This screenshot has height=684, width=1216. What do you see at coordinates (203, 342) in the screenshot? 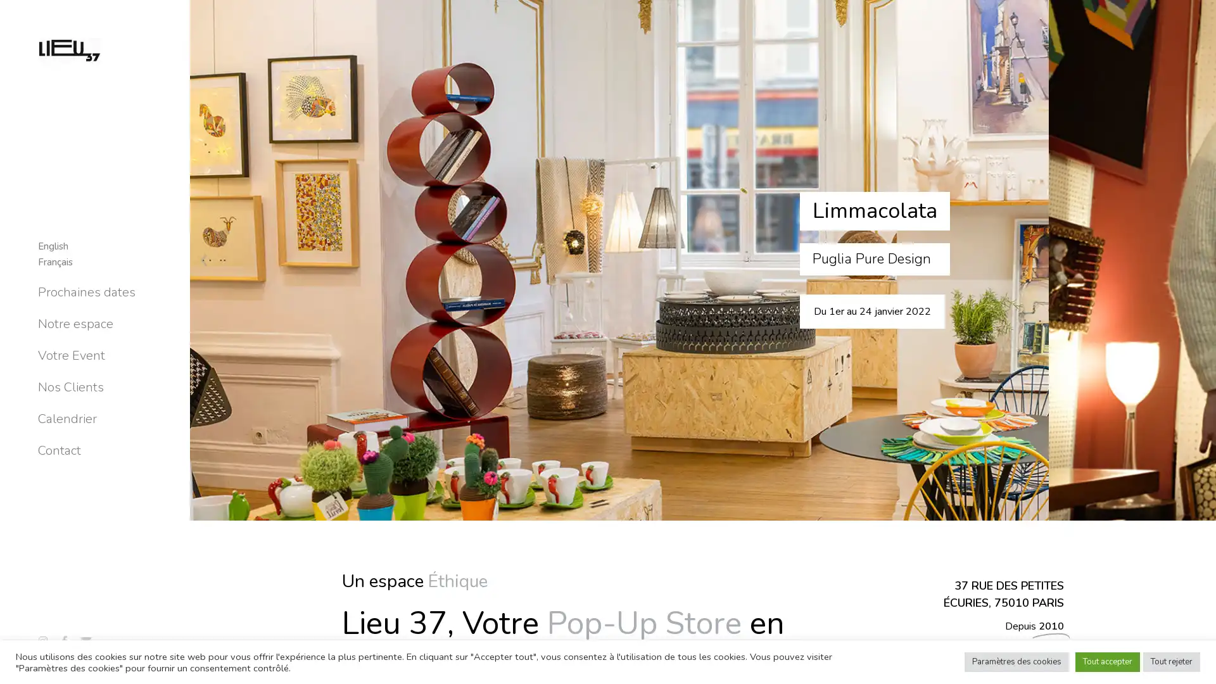
I see `Previous slide` at bounding box center [203, 342].